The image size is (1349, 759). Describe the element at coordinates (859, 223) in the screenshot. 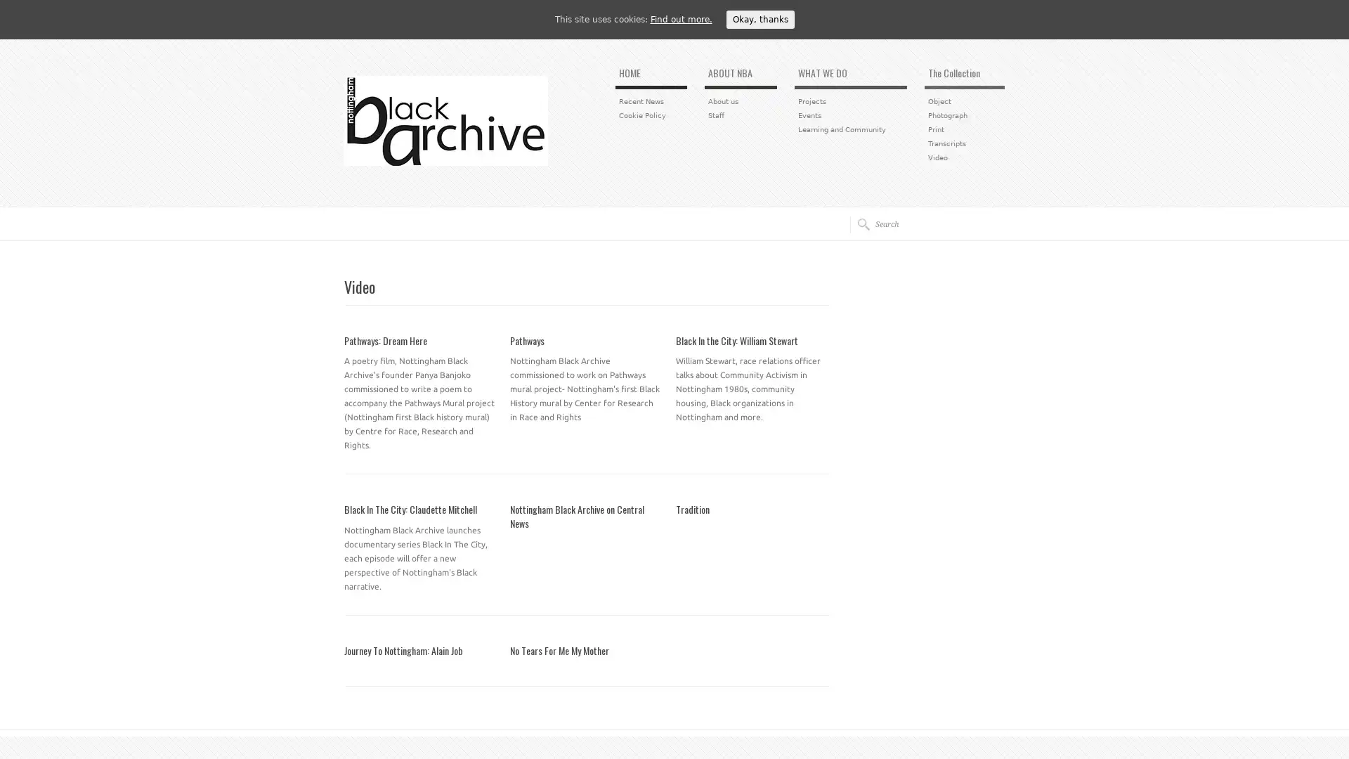

I see `Search` at that location.